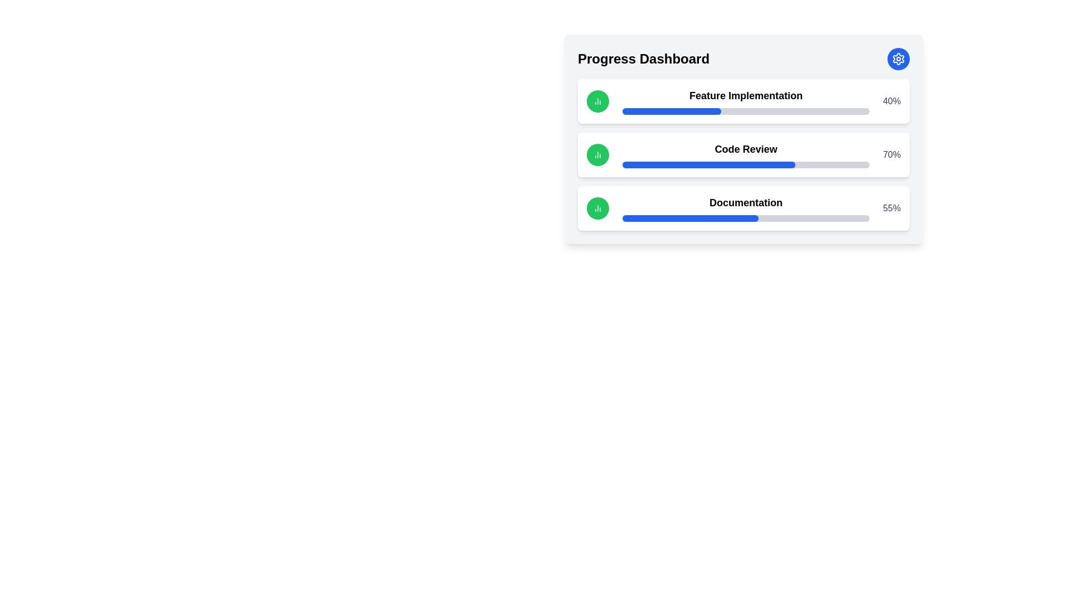 The image size is (1071, 602). What do you see at coordinates (708, 165) in the screenshot?
I see `the filled portion of the progress bar representing 70% completion within the 'Code Review' section of the 'Progress Dashboard'` at bounding box center [708, 165].